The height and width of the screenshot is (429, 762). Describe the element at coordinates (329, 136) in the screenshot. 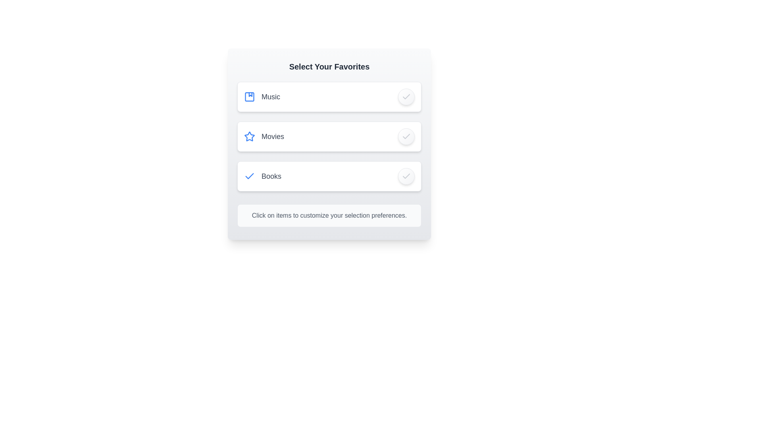

I see `the second item in the vertical list, which represents the selectable option 'Movies'` at that location.